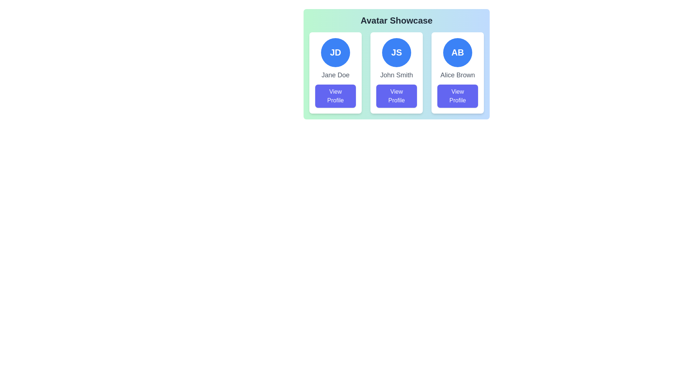 The image size is (698, 392). What do you see at coordinates (335, 73) in the screenshot?
I see `initials 'JD' displayed on the profile card for user 'Jane Doe', which is the first card in the grid layout` at bounding box center [335, 73].